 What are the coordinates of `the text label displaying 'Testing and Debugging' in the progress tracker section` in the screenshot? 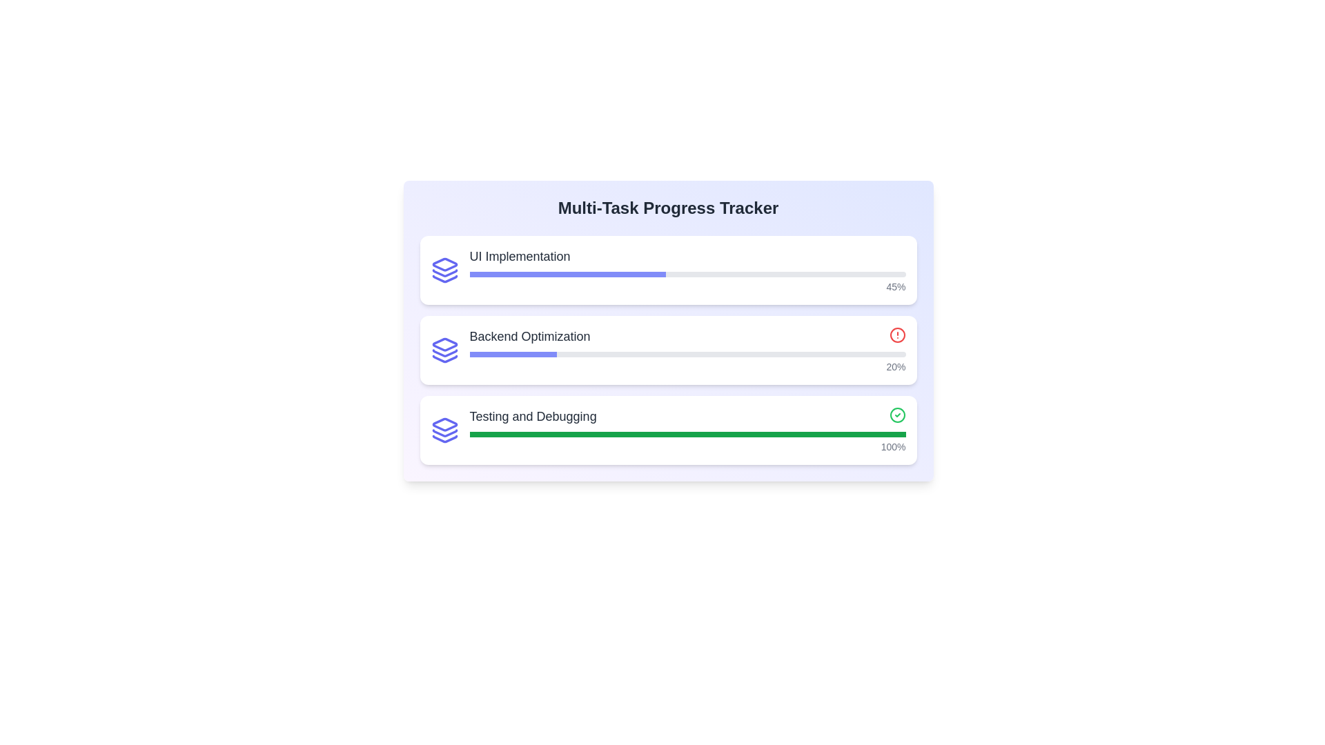 It's located at (532, 416).